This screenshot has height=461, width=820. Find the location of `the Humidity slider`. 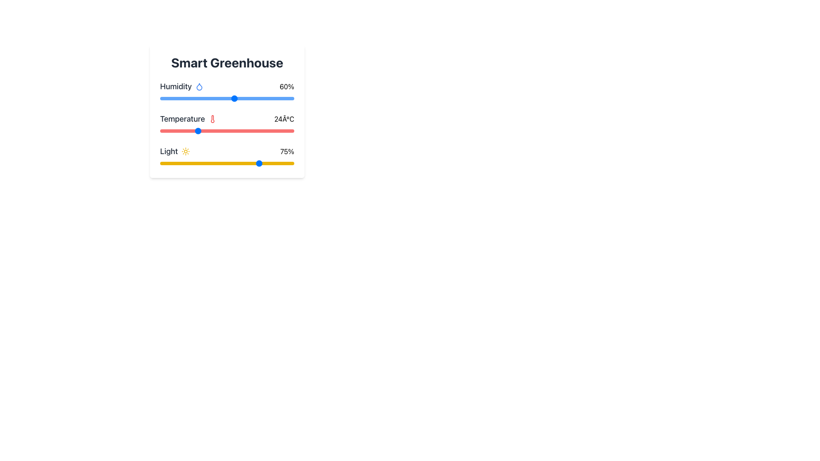

the Humidity slider is located at coordinates (221, 98).